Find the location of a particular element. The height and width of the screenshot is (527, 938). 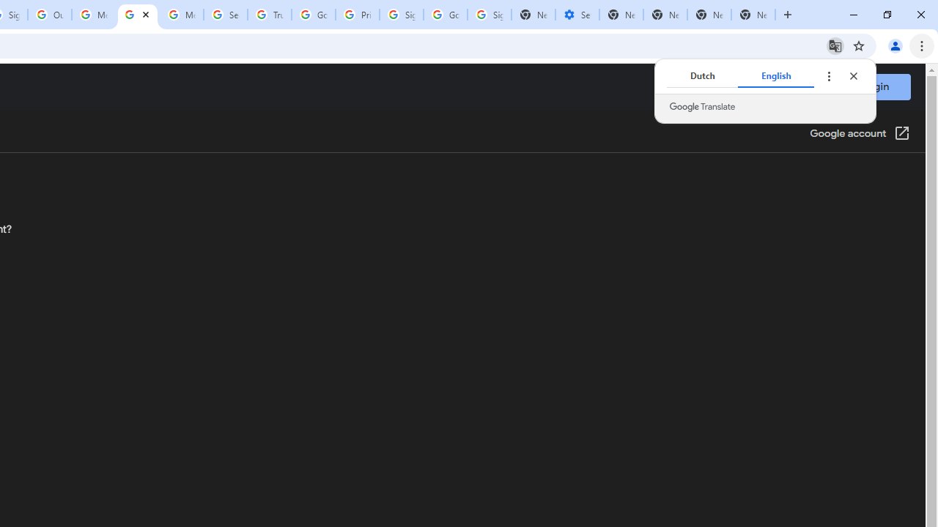

'Translate options' is located at coordinates (828, 76).